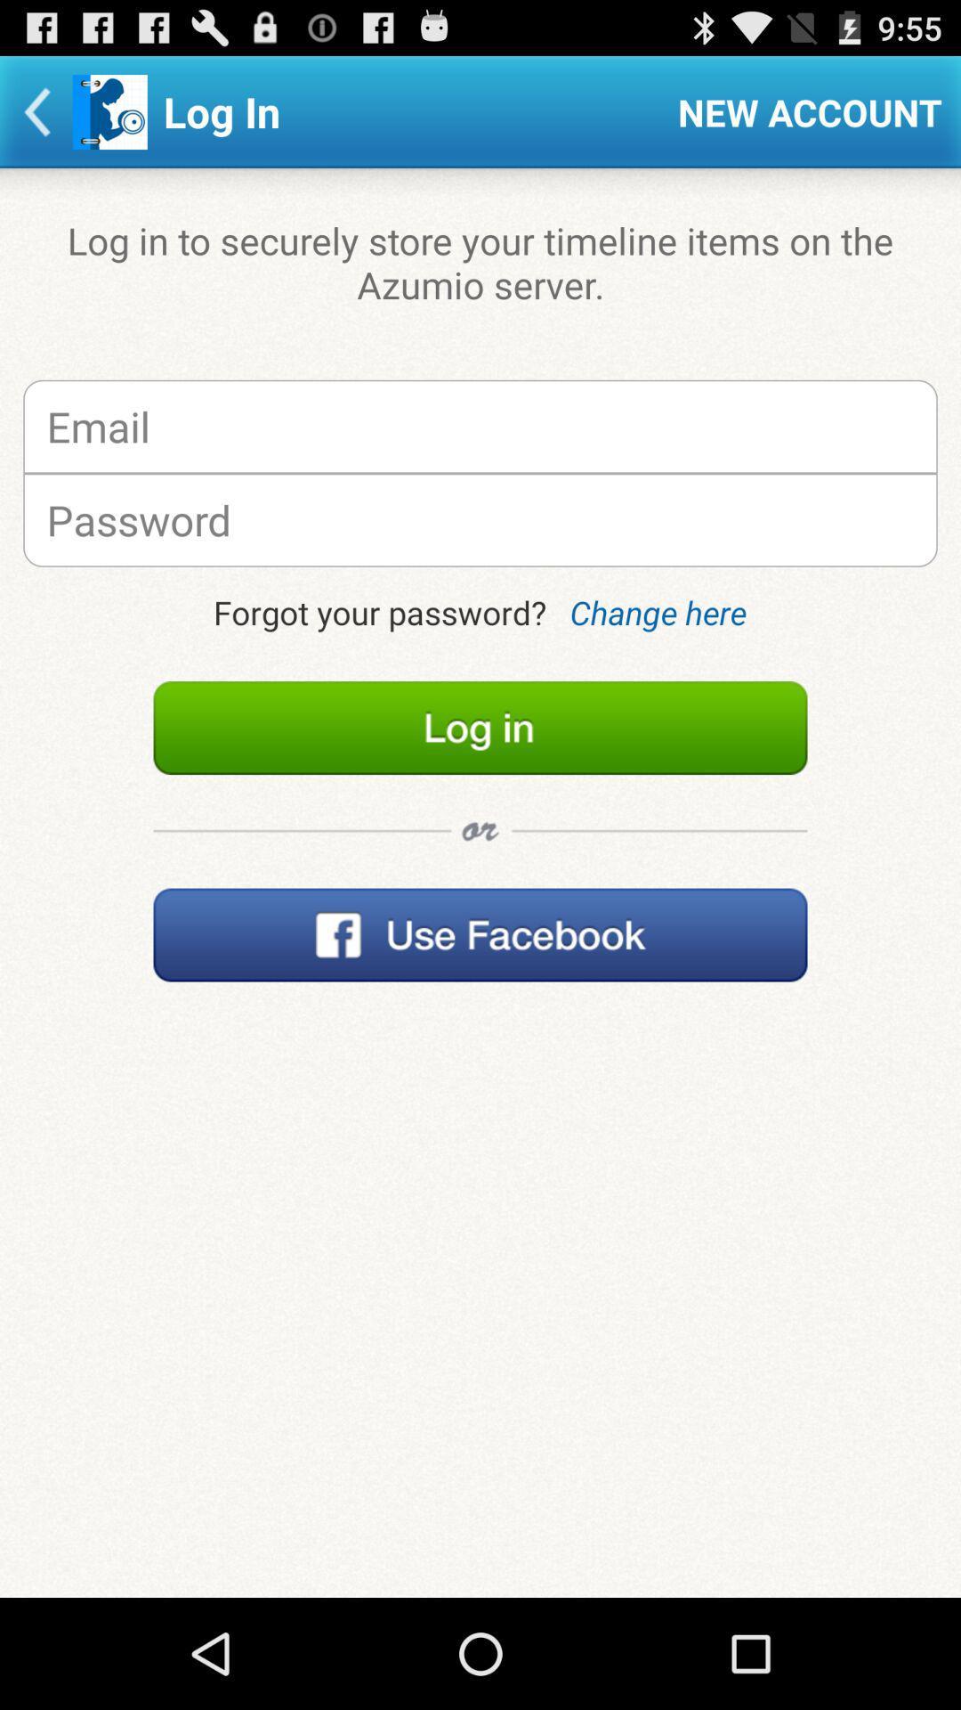 The width and height of the screenshot is (961, 1710). I want to click on item next to the log in item, so click(810, 110).